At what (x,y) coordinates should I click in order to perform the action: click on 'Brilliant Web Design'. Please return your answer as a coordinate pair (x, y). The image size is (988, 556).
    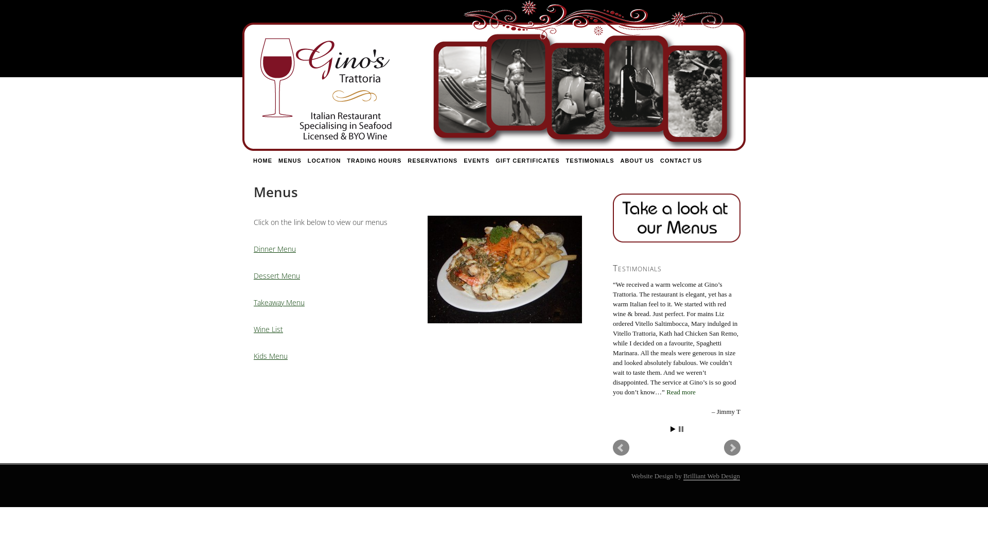
    Looking at the image, I should click on (711, 476).